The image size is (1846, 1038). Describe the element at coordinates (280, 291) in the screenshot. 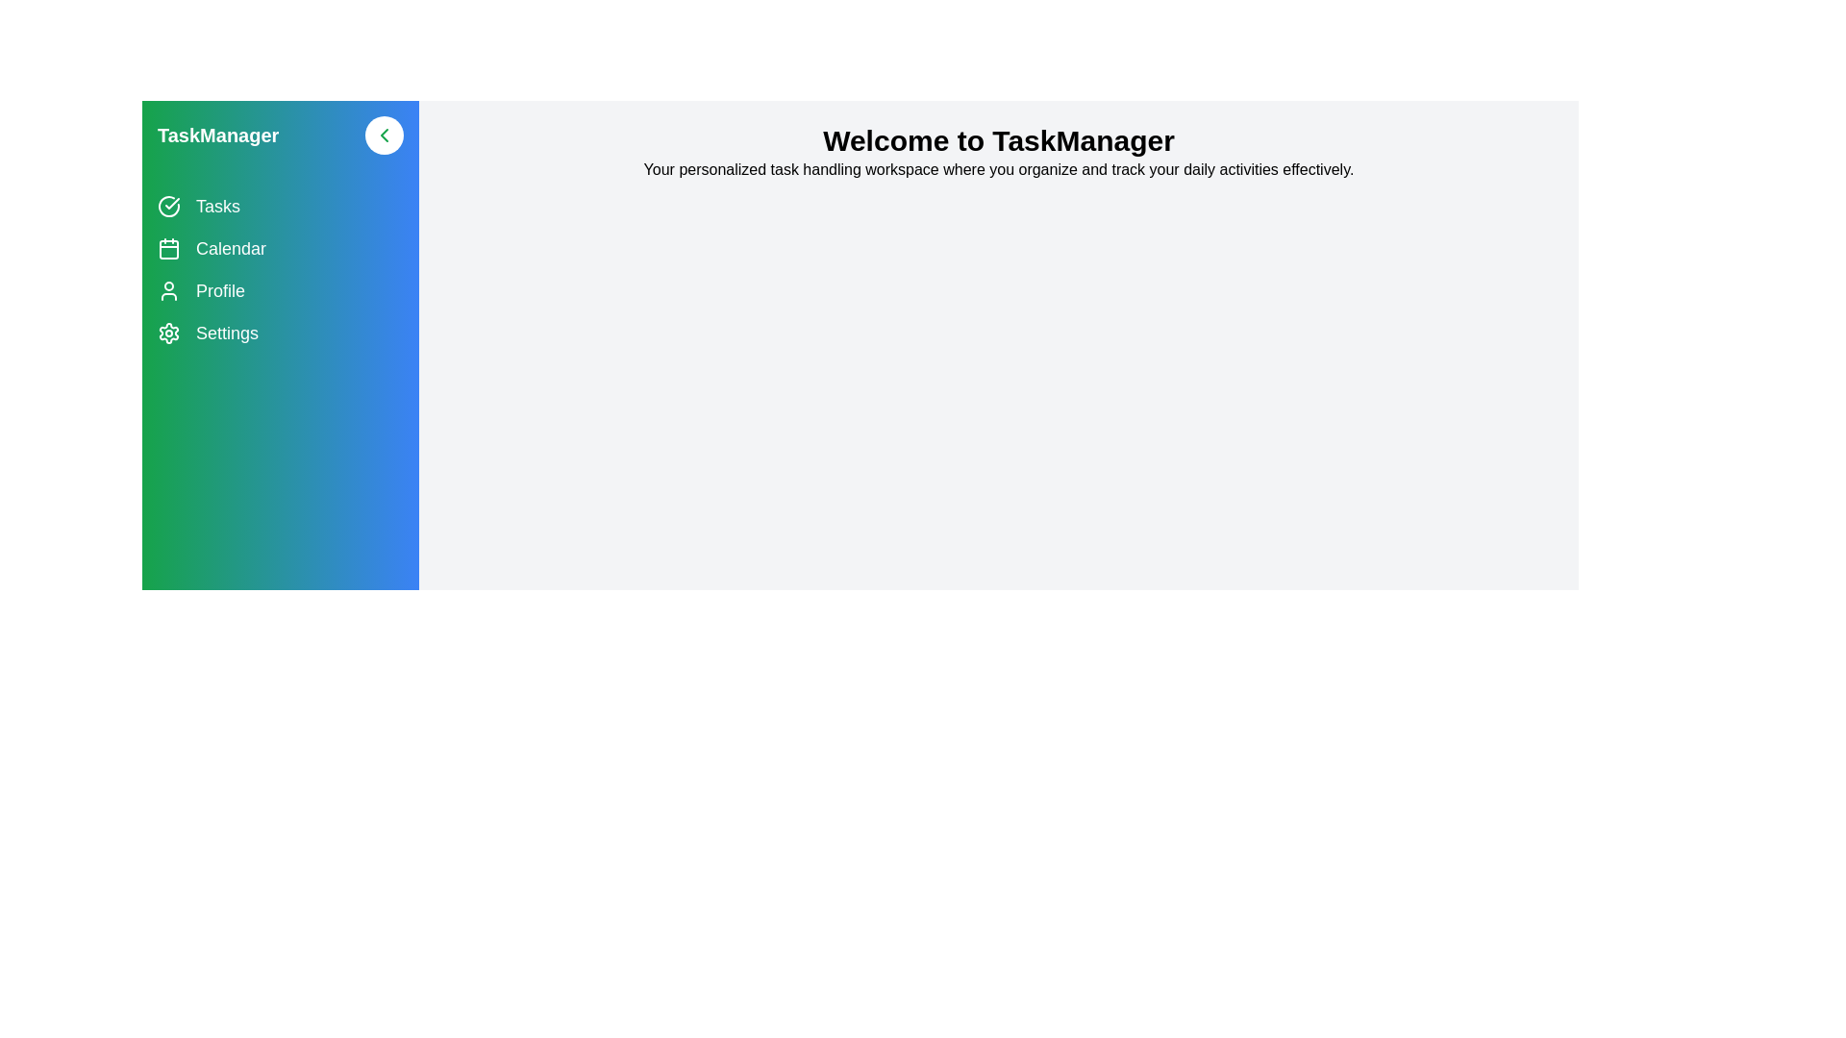

I see `the navigation item Profile to observe its hover effect` at that location.